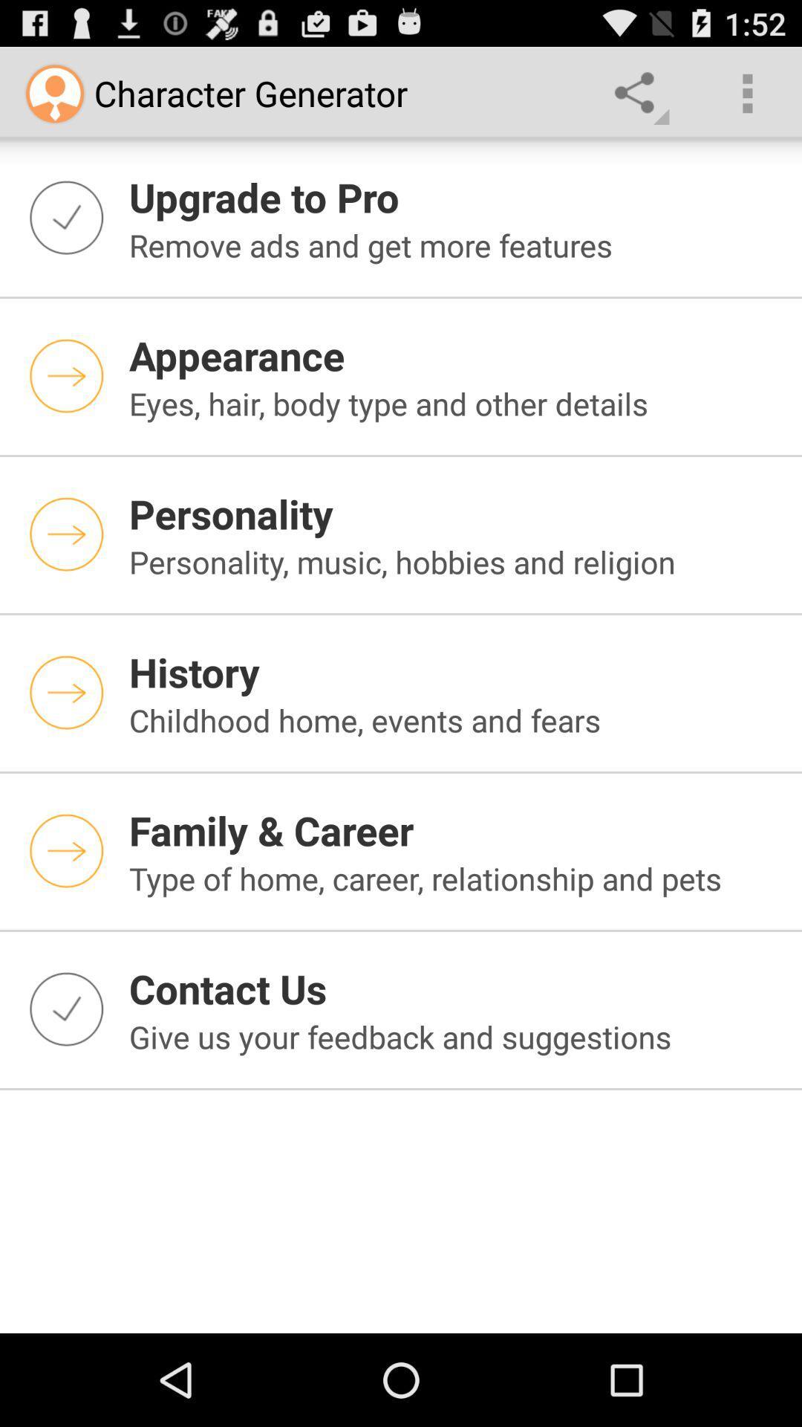 The width and height of the screenshot is (802, 1427). What do you see at coordinates (455, 1036) in the screenshot?
I see `item below contact us icon` at bounding box center [455, 1036].